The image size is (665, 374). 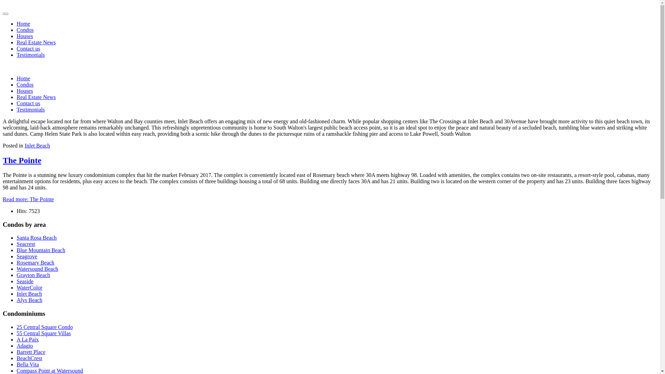 What do you see at coordinates (36, 97) in the screenshot?
I see `'Real Estate News'` at bounding box center [36, 97].